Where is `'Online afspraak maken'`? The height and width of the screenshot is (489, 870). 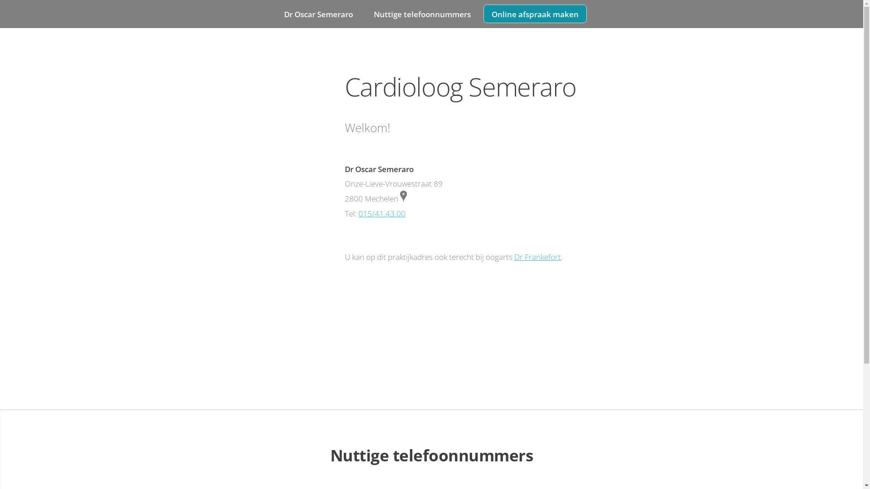 'Online afspraak maken' is located at coordinates (535, 14).